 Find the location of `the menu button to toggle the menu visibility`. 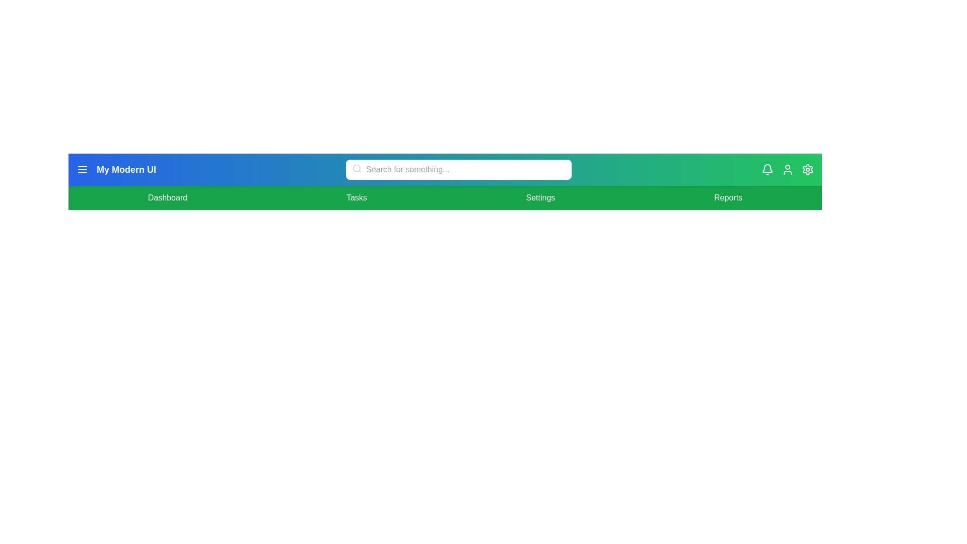

the menu button to toggle the menu visibility is located at coordinates (82, 169).